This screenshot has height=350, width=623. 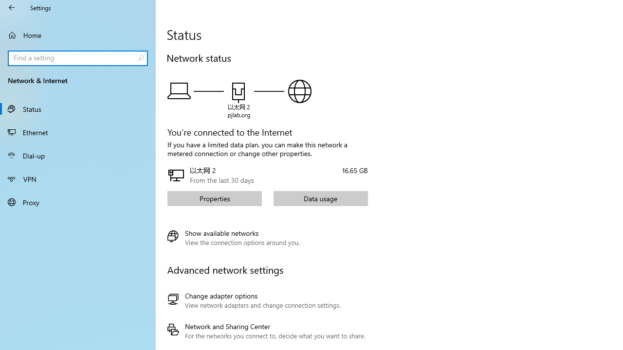 What do you see at coordinates (78, 201) in the screenshot?
I see `'Proxy'` at bounding box center [78, 201].